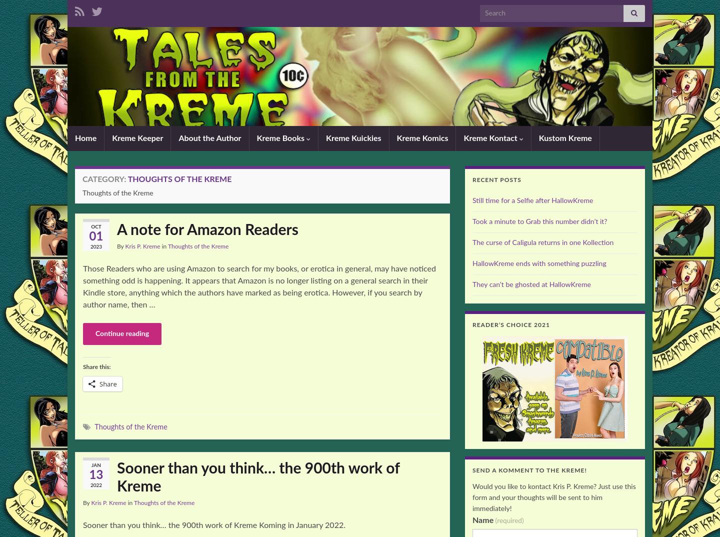 This screenshot has width=720, height=537. I want to click on 'Category:', so click(104, 179).